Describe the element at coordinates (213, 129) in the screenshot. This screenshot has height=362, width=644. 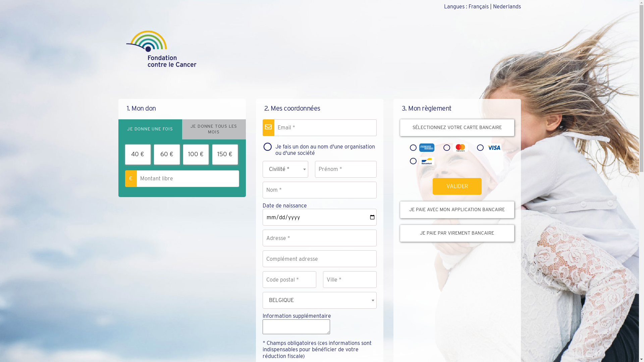
I see `'JE DONNE TOUS LES MOIS'` at that location.